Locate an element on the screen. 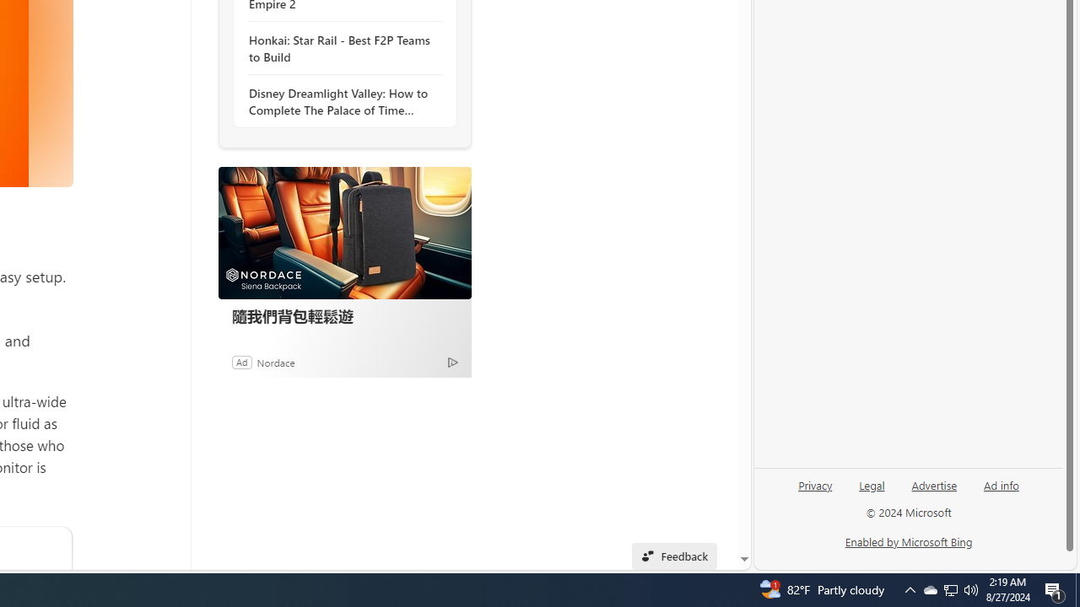 The height and width of the screenshot is (607, 1080). 'Ad' is located at coordinates (240, 361).